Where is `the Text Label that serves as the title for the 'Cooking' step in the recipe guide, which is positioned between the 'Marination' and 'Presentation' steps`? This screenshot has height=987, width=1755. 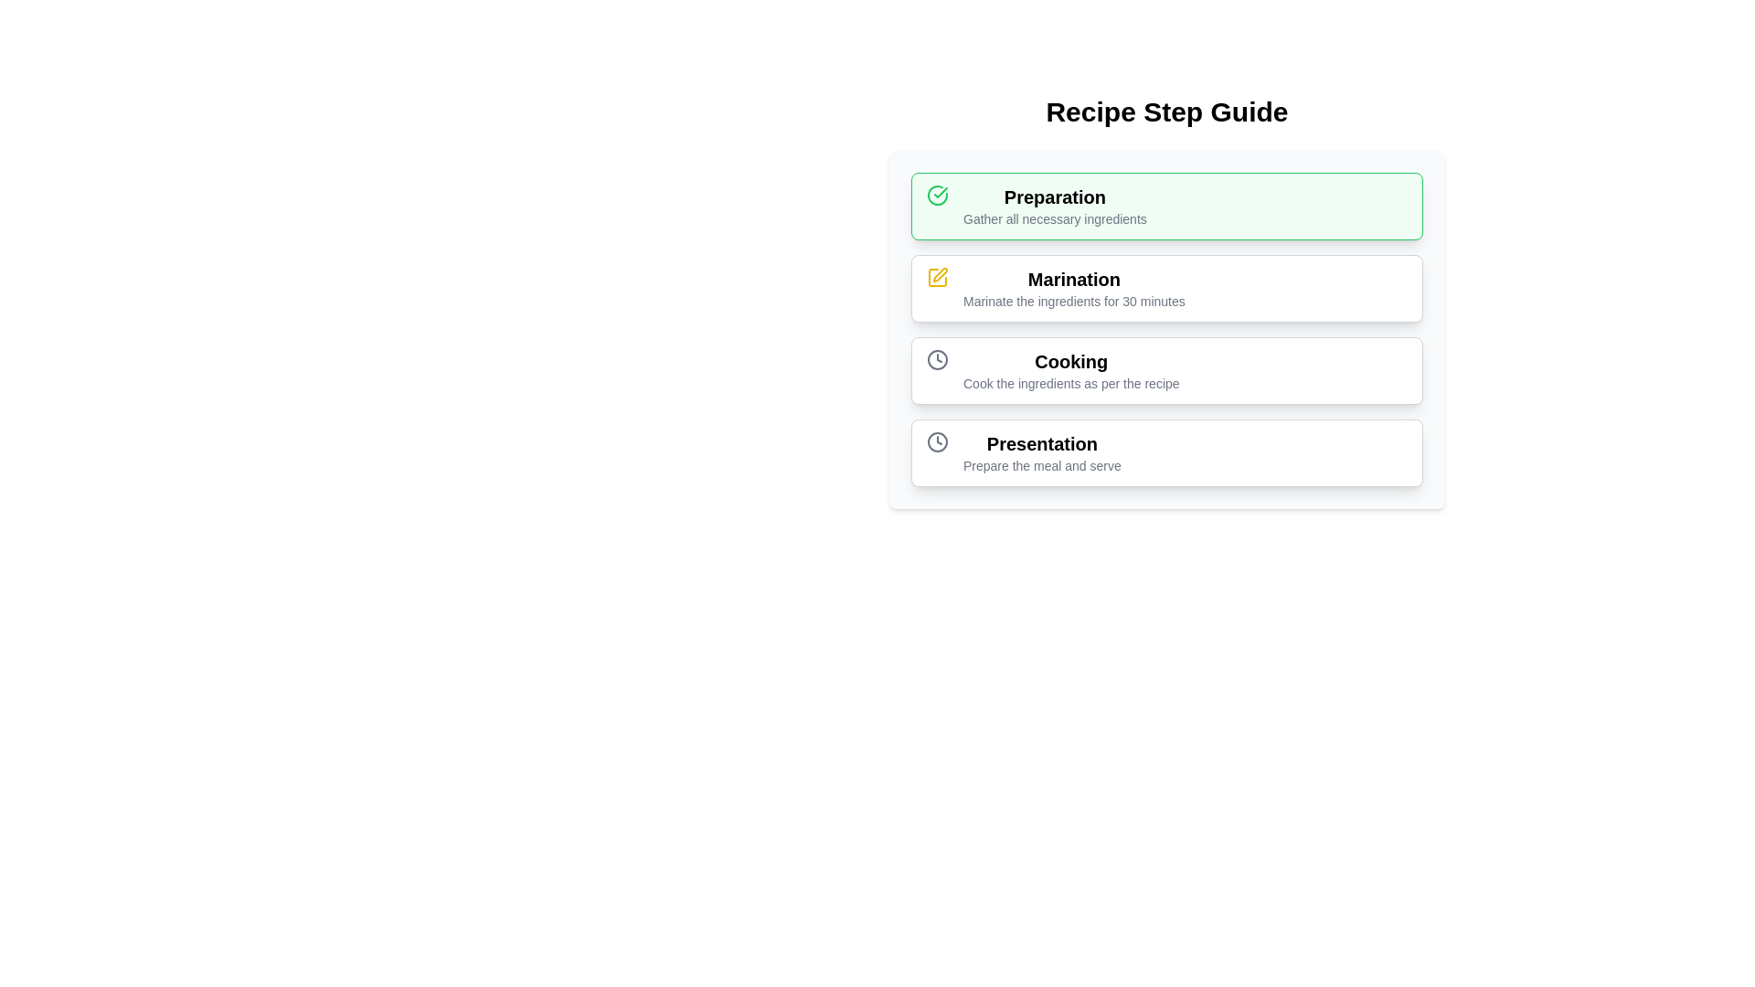 the Text Label that serves as the title for the 'Cooking' step in the recipe guide, which is positioned between the 'Marination' and 'Presentation' steps is located at coordinates (1071, 362).